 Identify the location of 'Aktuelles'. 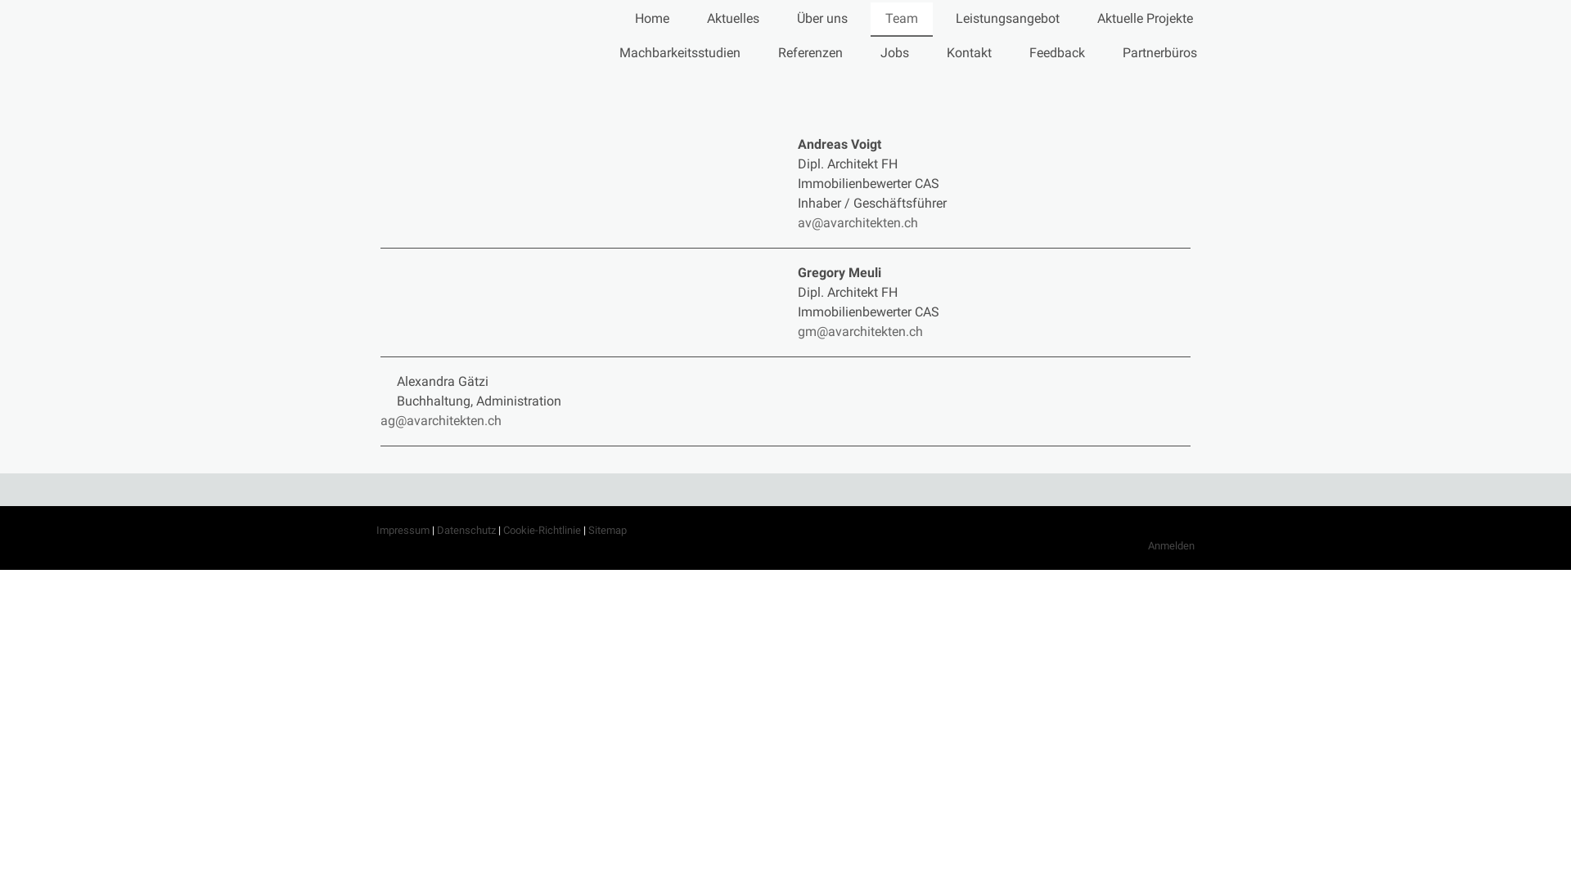
(732, 19).